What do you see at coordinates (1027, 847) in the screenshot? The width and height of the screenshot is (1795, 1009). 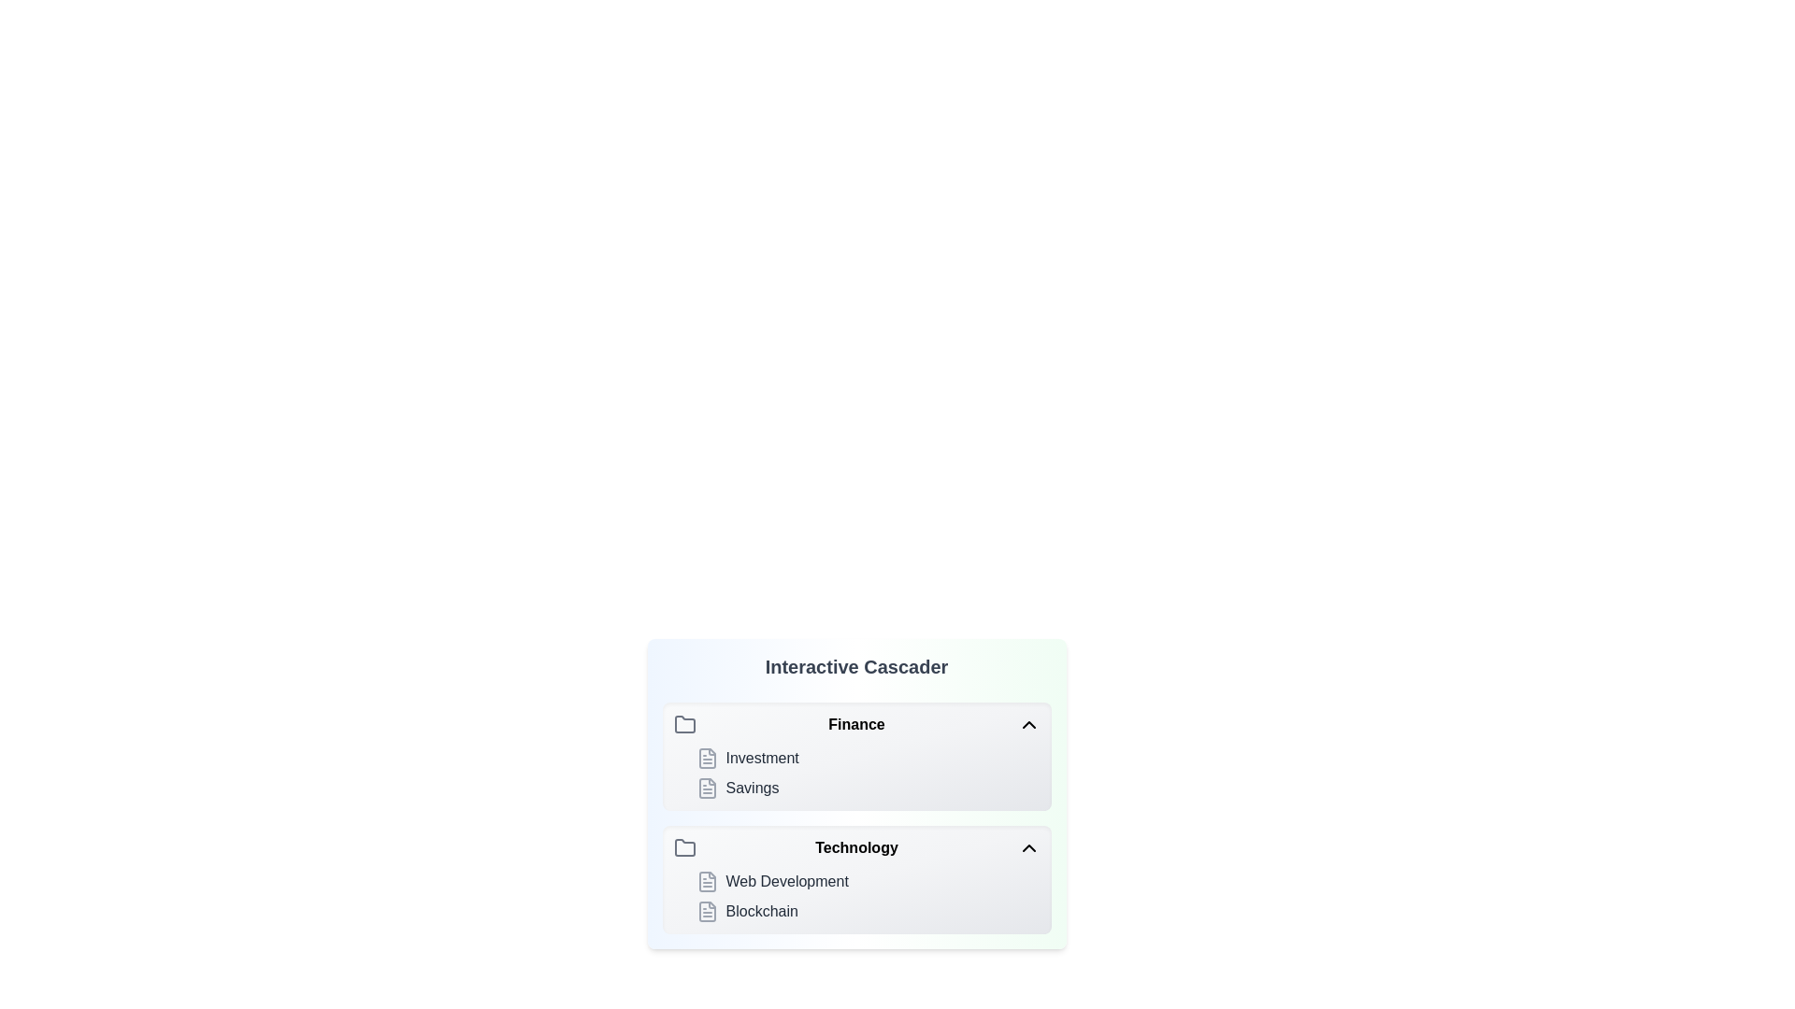 I see `the upward-pointing chevron icon button located on the right side of the 'Technology' header for possible interaction feedback` at bounding box center [1027, 847].